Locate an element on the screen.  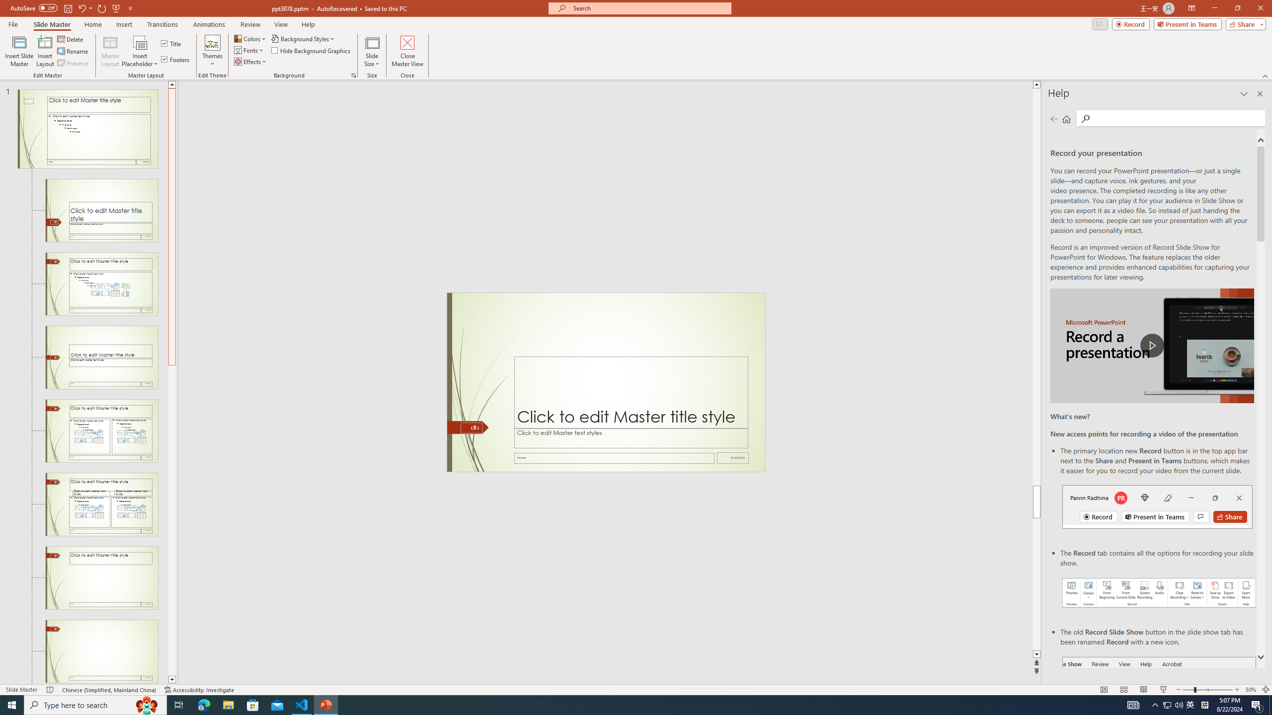
'Insert Placeholder' is located at coordinates (140, 51).